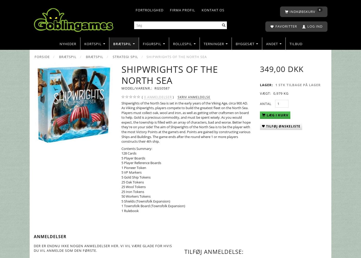 This screenshot has height=258, width=361. What do you see at coordinates (103, 248) in the screenshot?
I see `'Der er endnu ikke nogen anmeldelser her. Vi vil være glade for hvis du vil anmelde som den første.'` at bounding box center [103, 248].